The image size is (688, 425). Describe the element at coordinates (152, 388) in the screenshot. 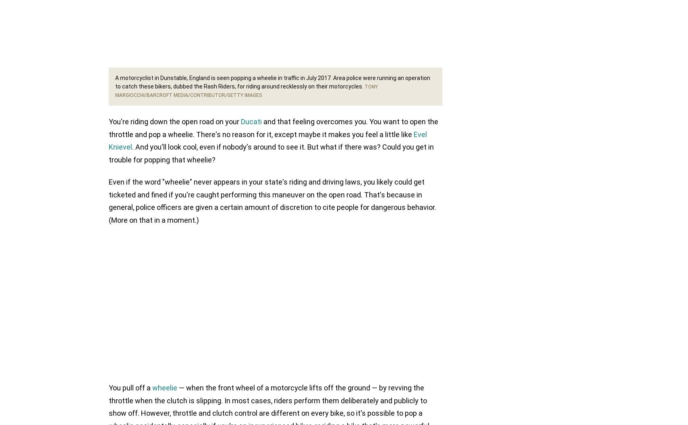

I see `'wheelie'` at that location.